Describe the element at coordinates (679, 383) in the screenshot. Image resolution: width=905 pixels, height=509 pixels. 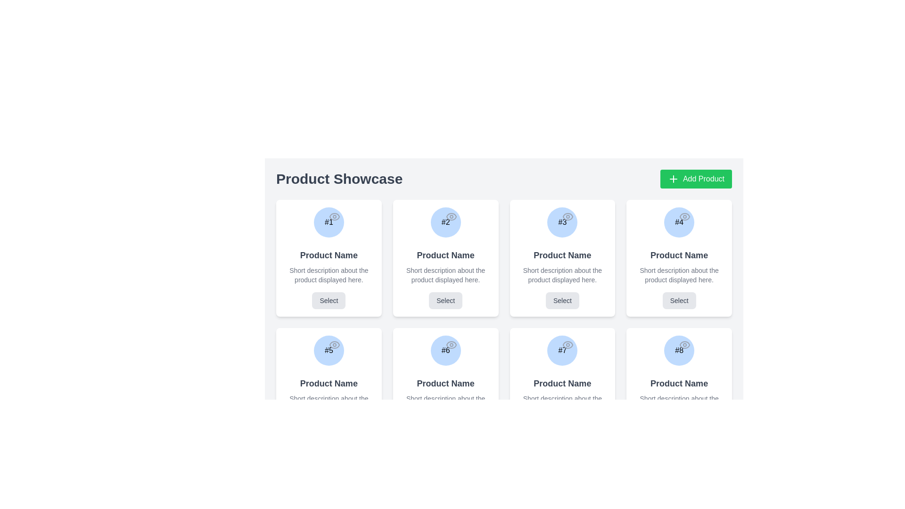
I see `the static text label displaying 'Product Name', which is styled in bold dark gray and is centrally positioned within its card layout` at that location.